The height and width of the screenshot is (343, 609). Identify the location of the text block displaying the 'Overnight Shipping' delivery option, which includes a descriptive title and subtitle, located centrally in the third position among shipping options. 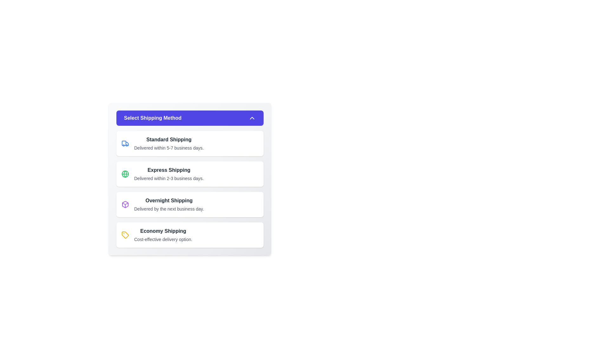
(169, 205).